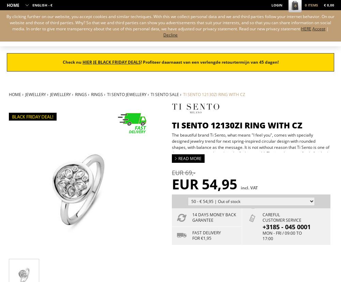  I want to click on 'Ti Sento sale', so click(150, 94).